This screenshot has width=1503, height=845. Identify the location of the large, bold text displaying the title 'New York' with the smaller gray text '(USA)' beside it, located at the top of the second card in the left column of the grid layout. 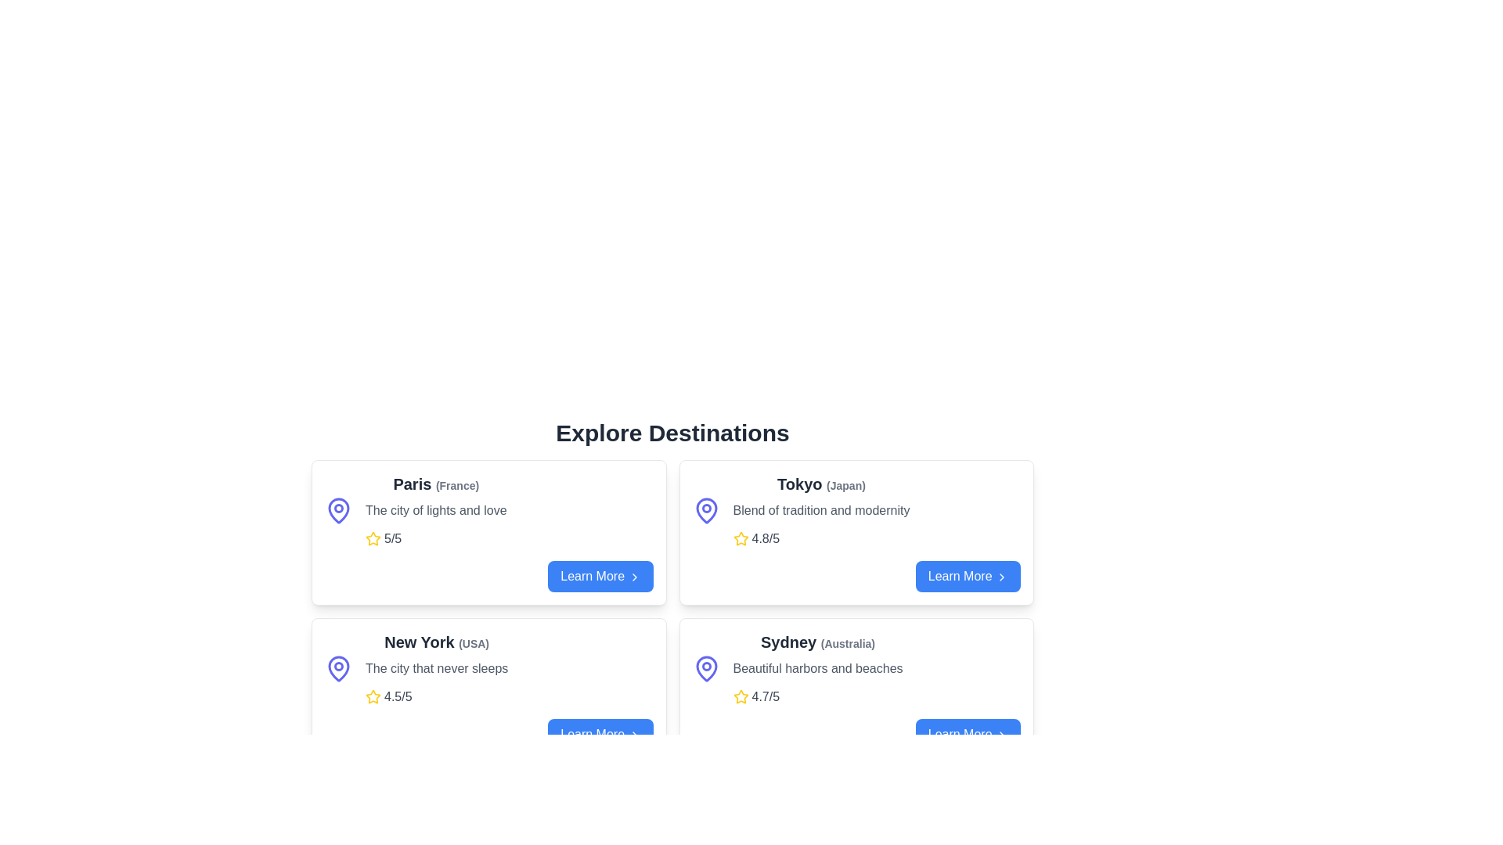
(437, 642).